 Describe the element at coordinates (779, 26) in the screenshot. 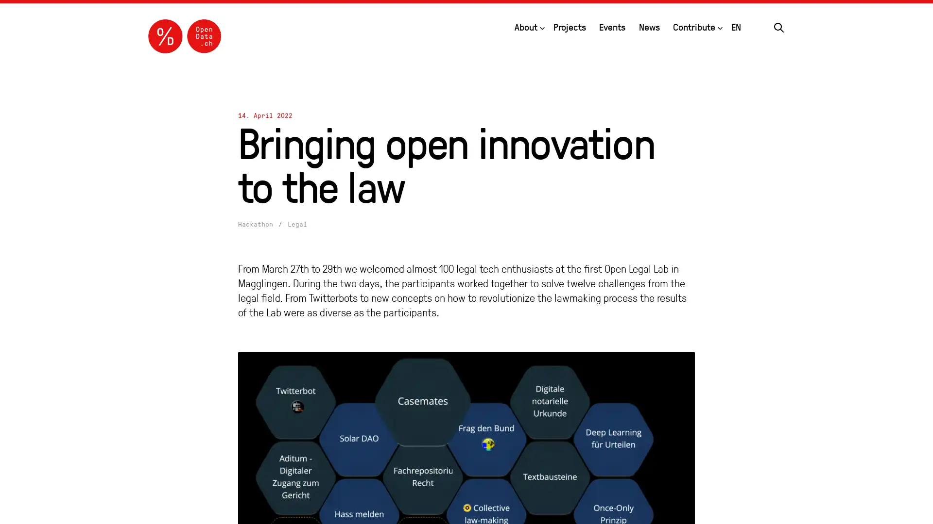

I see `Search` at that location.